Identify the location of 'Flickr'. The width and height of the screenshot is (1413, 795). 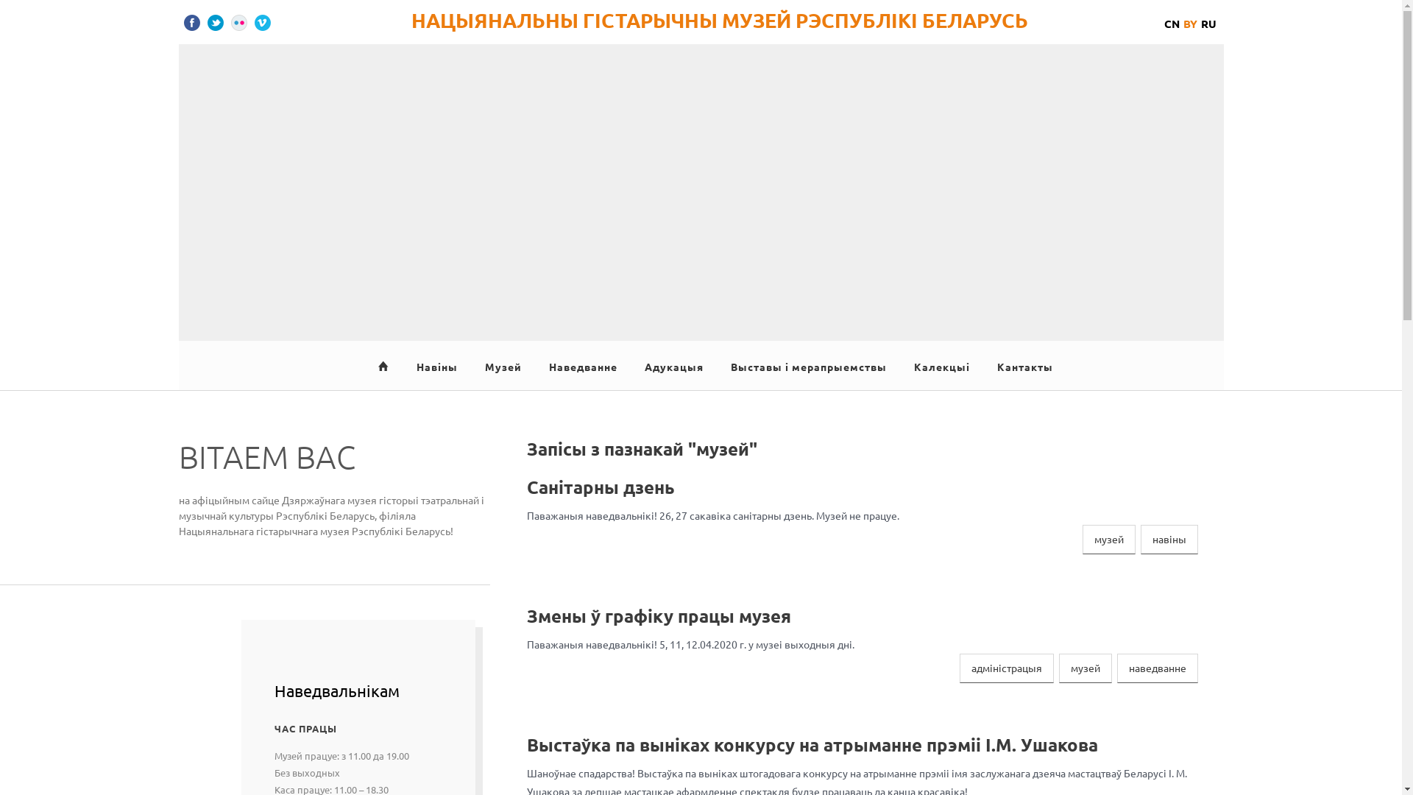
(239, 22).